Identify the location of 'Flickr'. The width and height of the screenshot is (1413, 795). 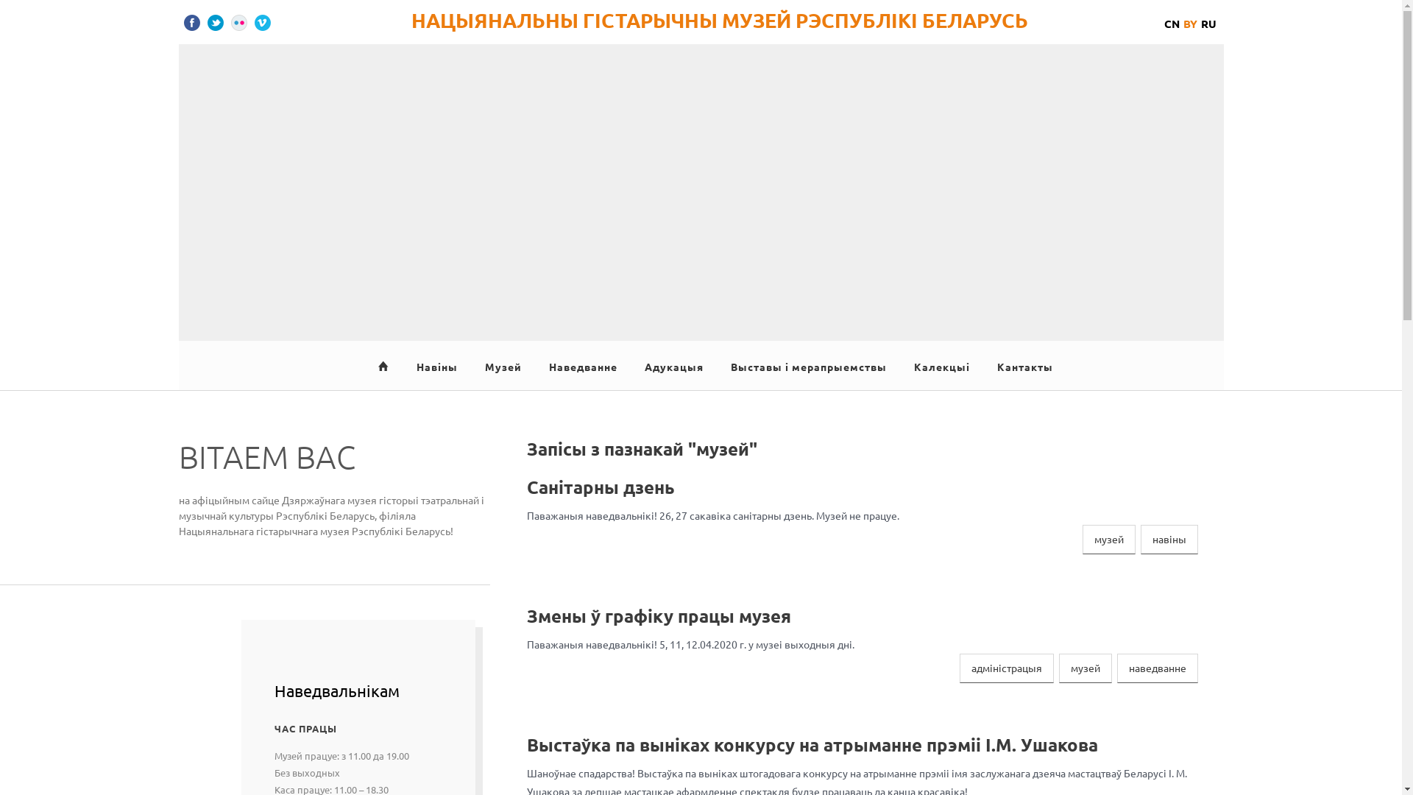
(239, 22).